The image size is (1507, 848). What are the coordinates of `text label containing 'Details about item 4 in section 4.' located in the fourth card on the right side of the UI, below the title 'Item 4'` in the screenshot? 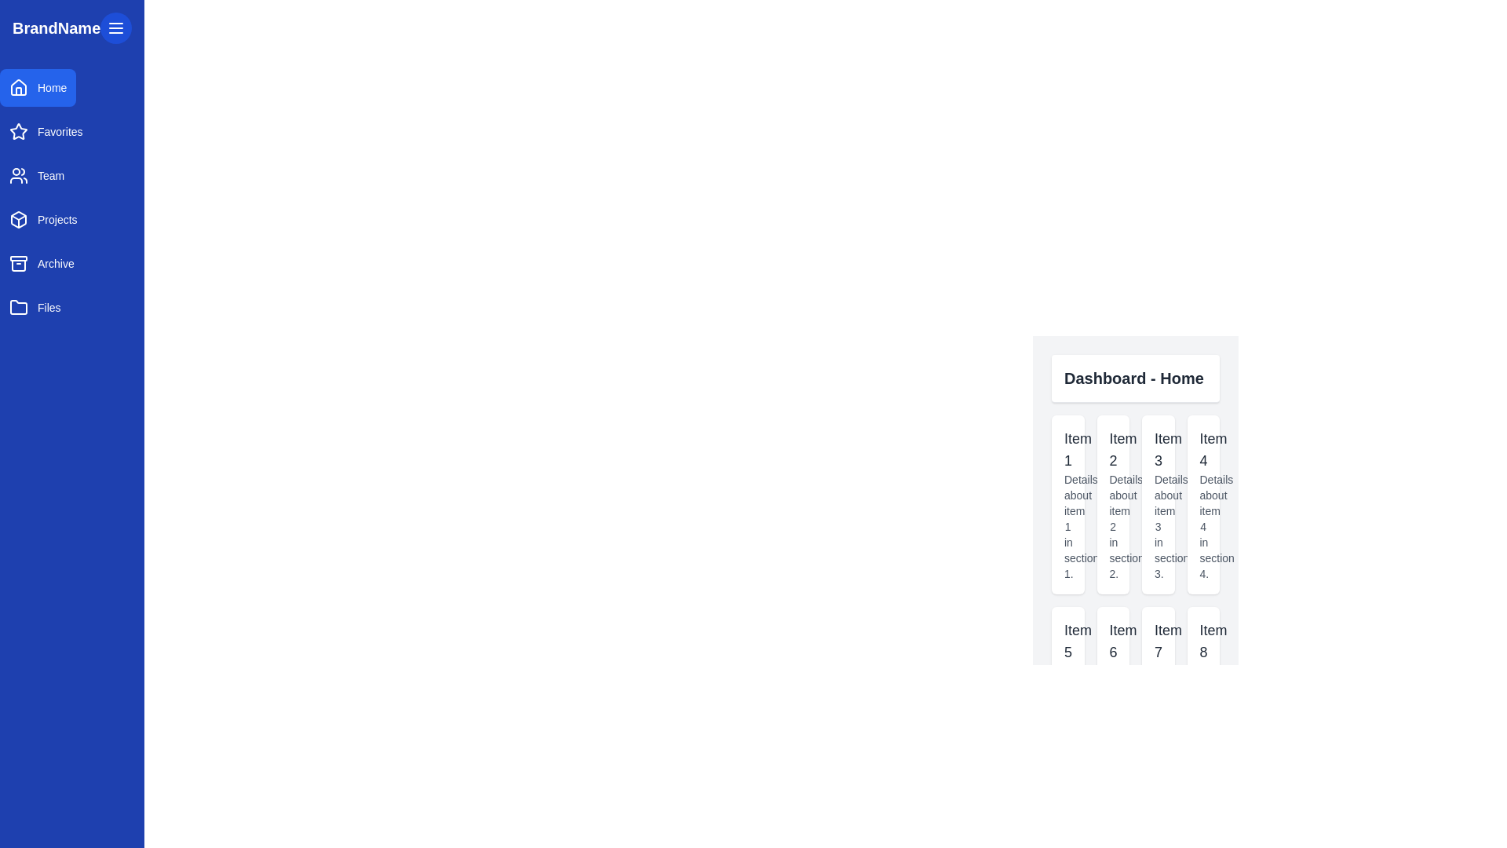 It's located at (1202, 527).